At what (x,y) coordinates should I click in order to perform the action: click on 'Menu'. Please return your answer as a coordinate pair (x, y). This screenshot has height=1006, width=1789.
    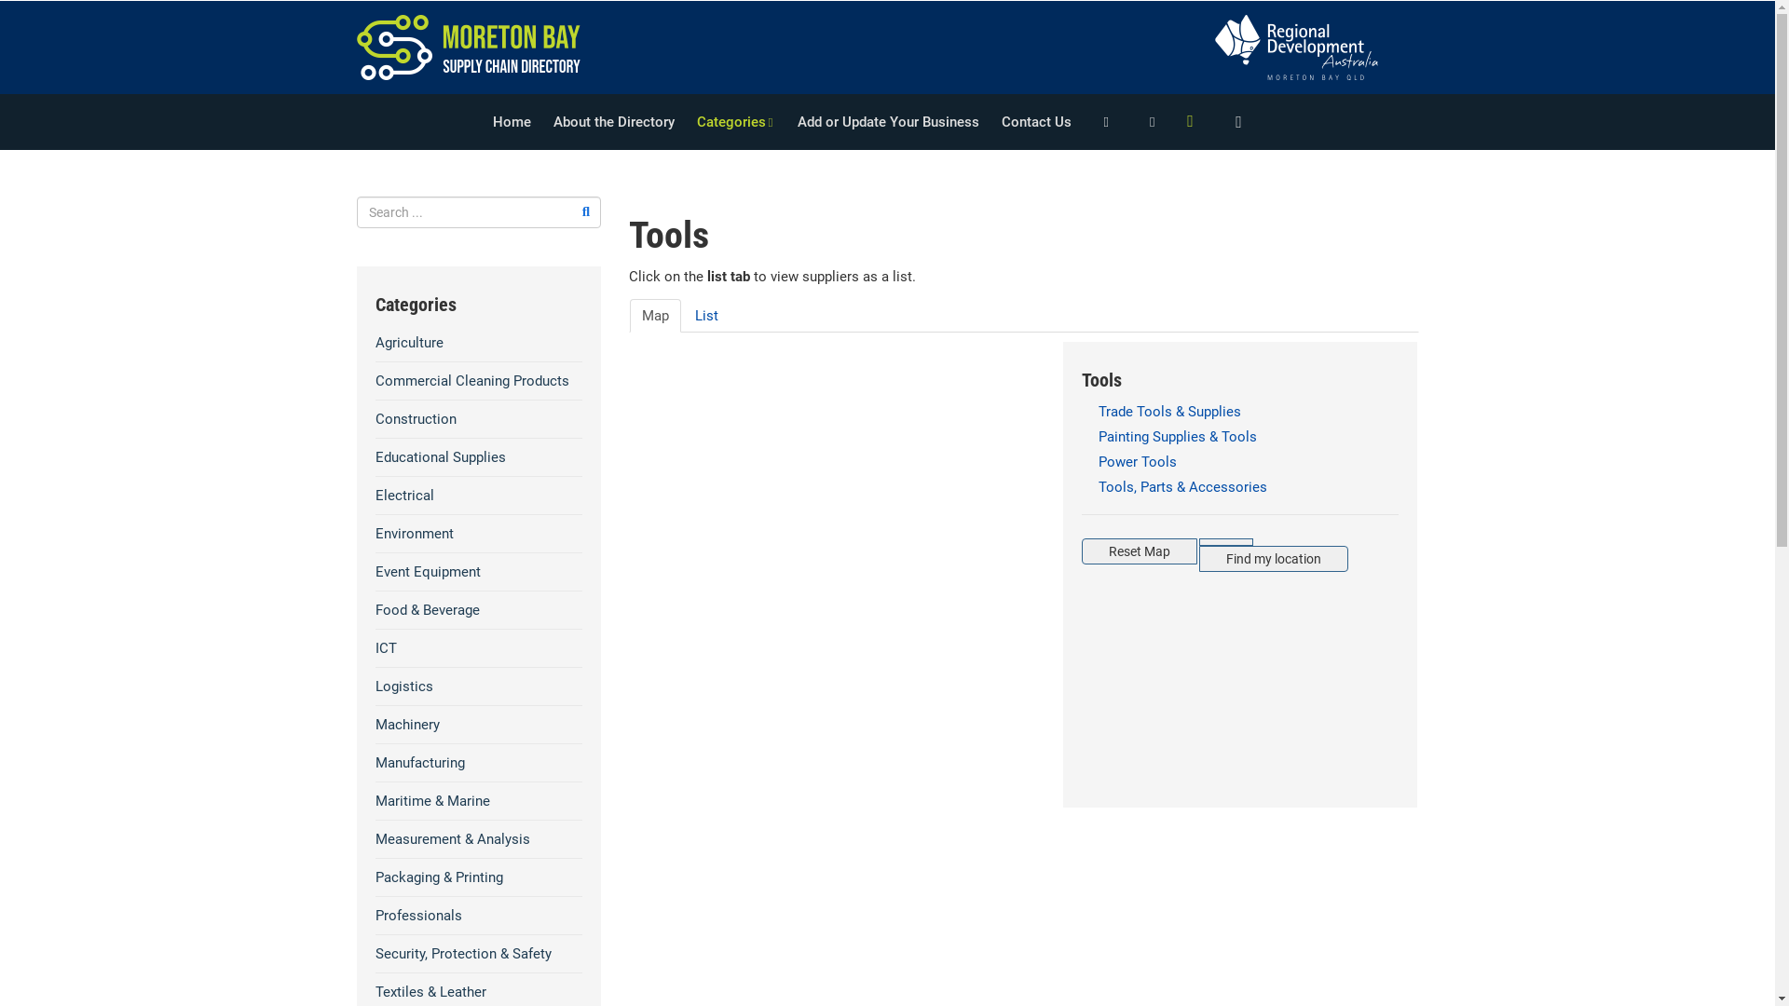
    Looking at the image, I should click on (1188, 121).